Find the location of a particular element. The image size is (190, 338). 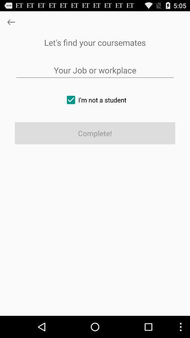

data is located at coordinates (95, 70).